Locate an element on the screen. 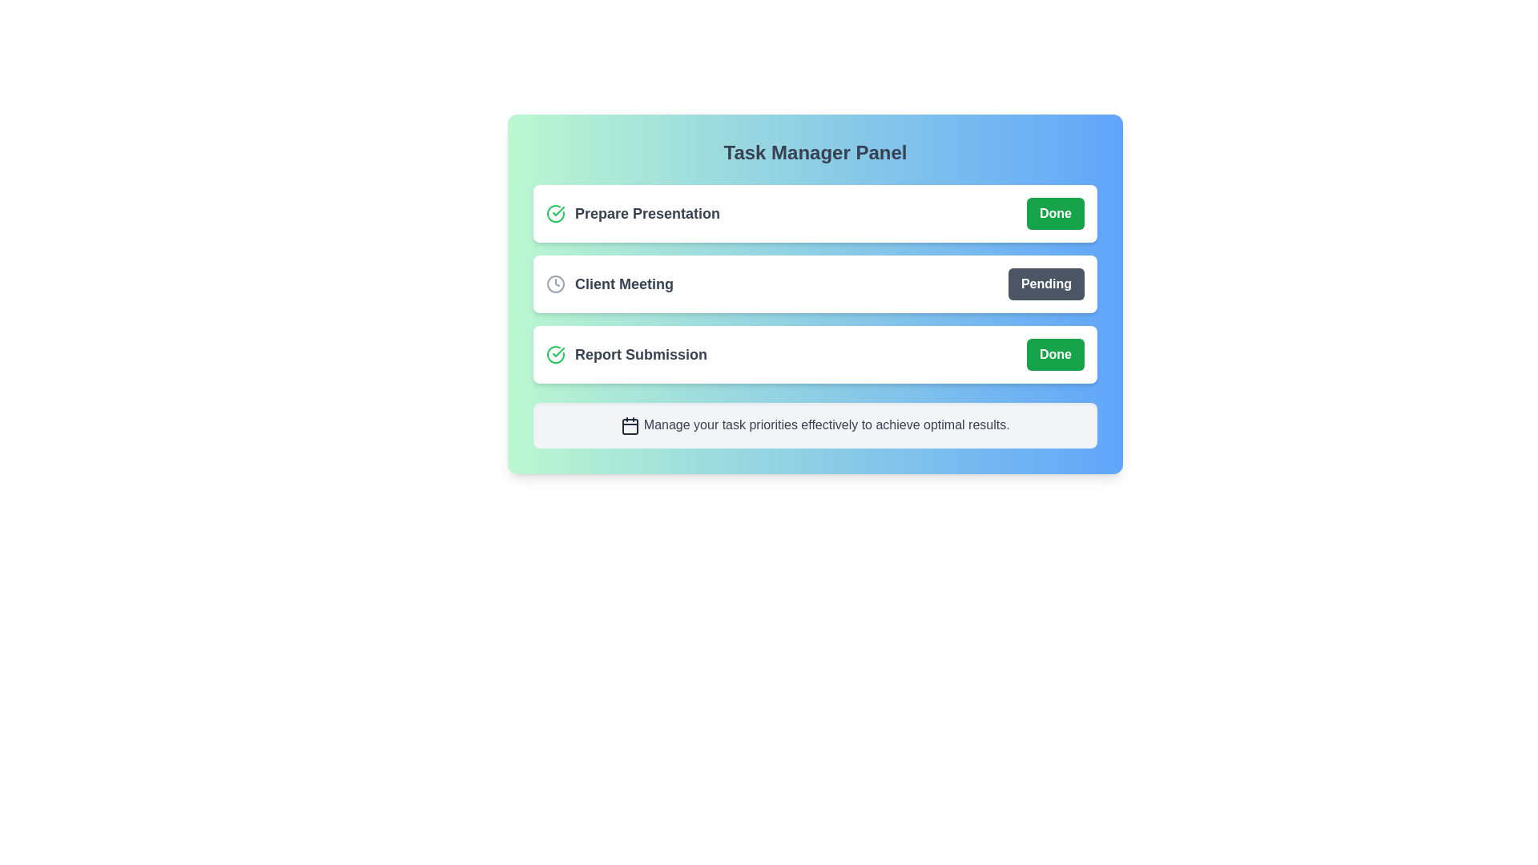 This screenshot has width=1538, height=865. the button labeled Done to observe its hover effect is located at coordinates (1056, 212).